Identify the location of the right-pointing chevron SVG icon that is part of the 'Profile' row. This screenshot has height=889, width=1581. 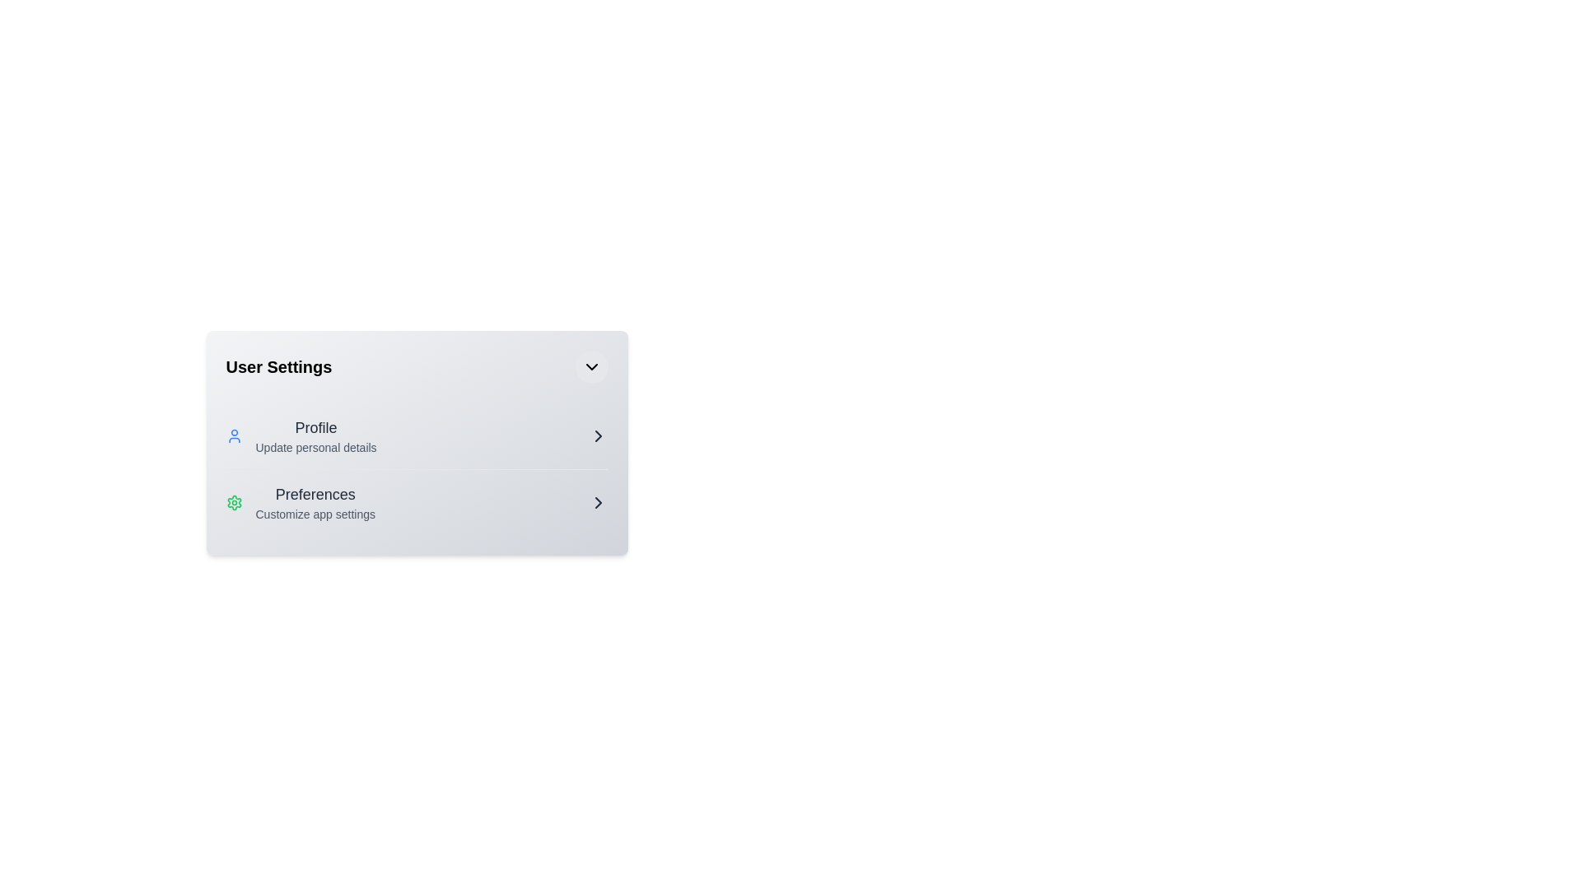
(597, 435).